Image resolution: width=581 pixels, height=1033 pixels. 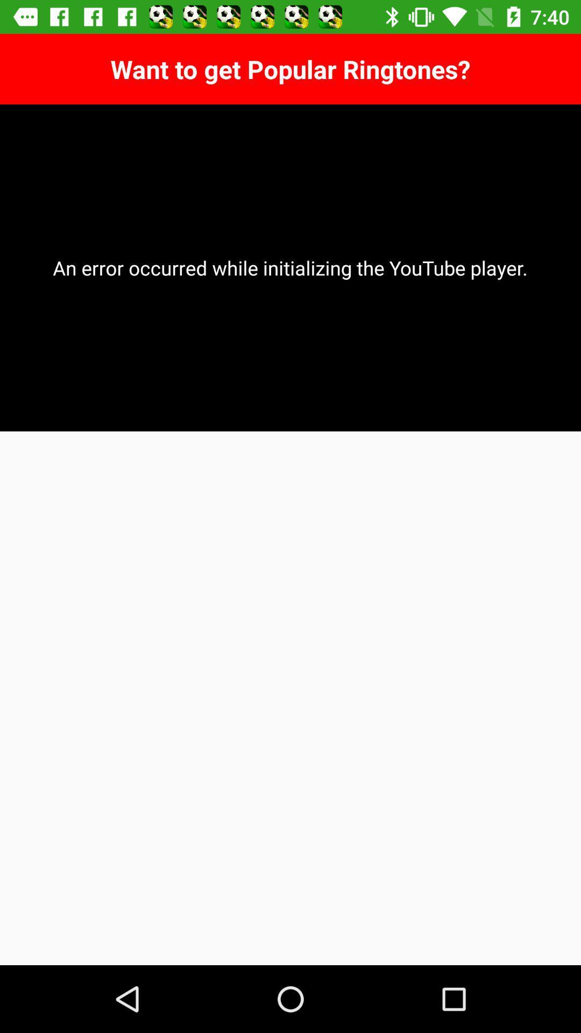 What do you see at coordinates (290, 68) in the screenshot?
I see `want to get app` at bounding box center [290, 68].